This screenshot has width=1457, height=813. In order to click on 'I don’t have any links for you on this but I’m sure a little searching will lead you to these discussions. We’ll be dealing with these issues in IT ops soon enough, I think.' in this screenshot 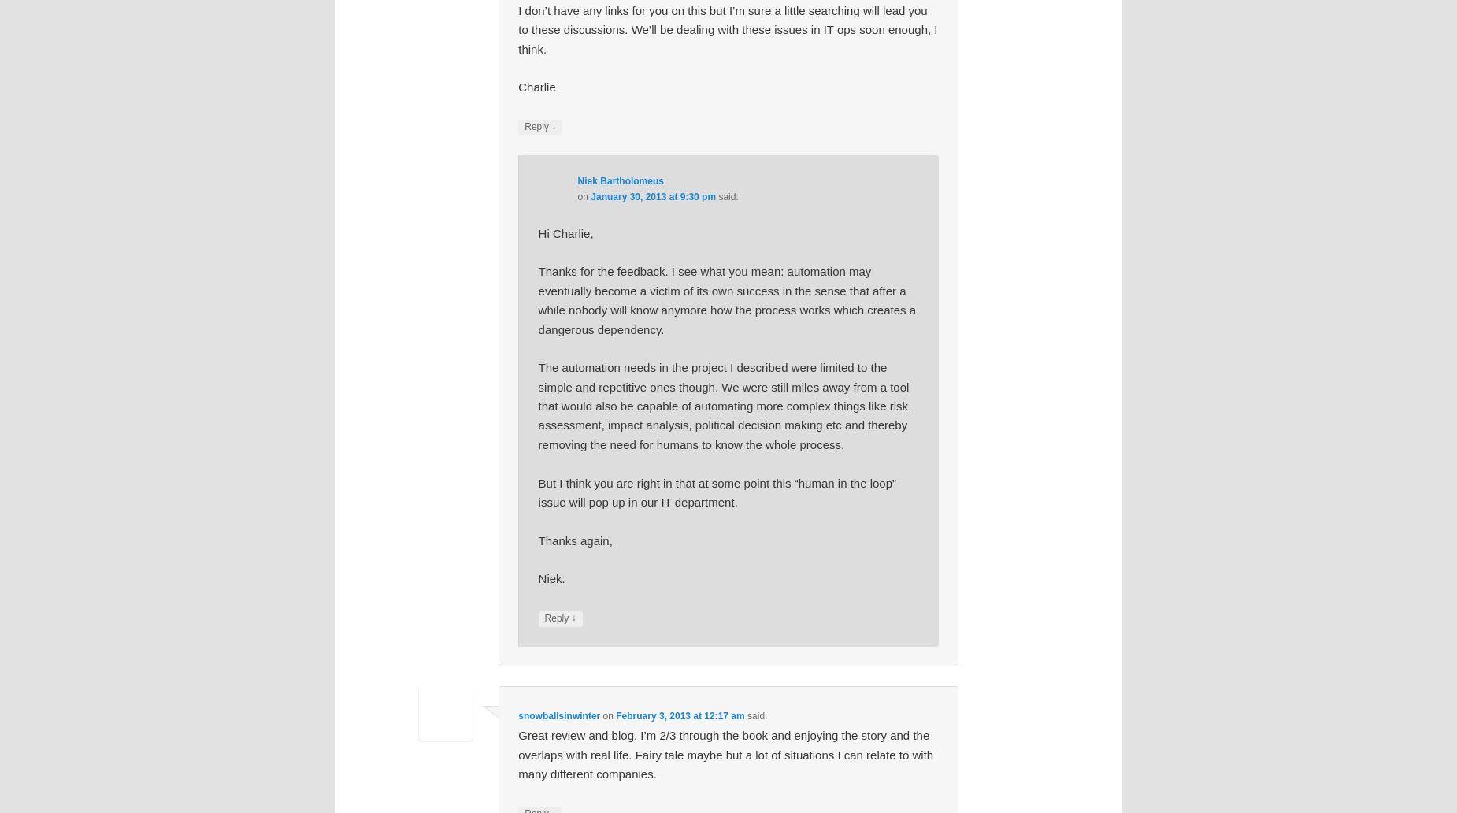, I will do `click(518, 29)`.